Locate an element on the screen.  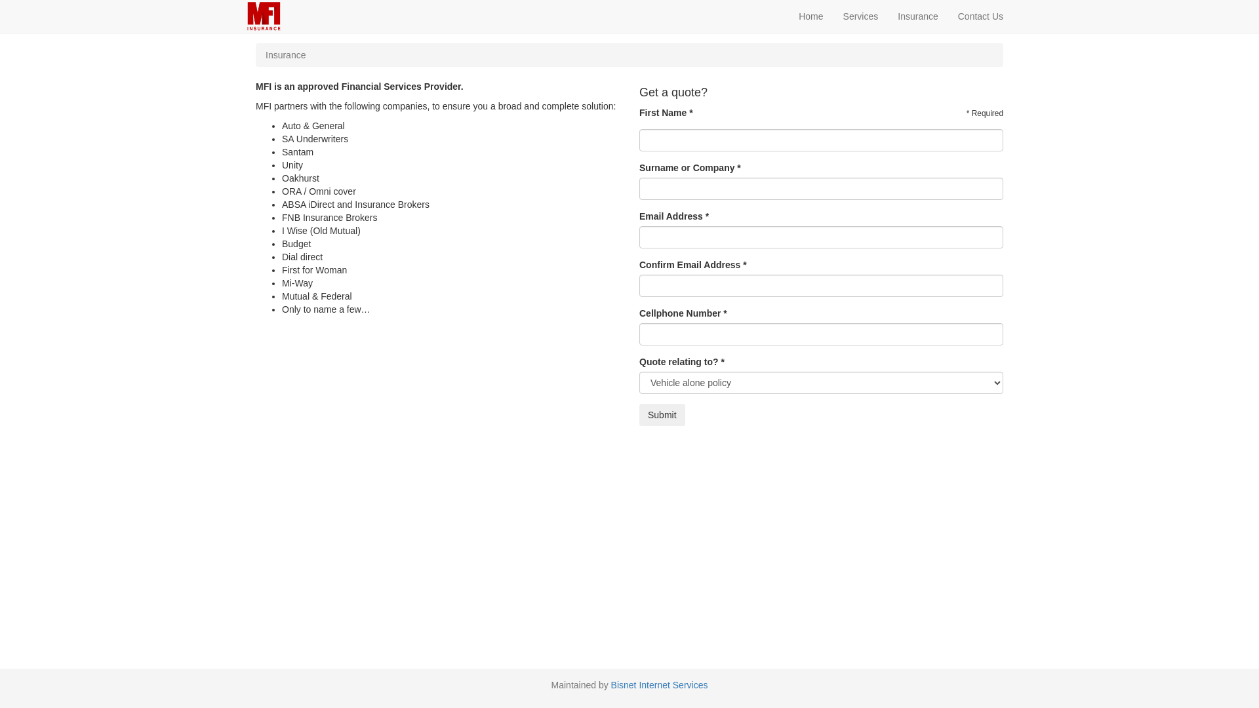
'Home' is located at coordinates (810, 16).